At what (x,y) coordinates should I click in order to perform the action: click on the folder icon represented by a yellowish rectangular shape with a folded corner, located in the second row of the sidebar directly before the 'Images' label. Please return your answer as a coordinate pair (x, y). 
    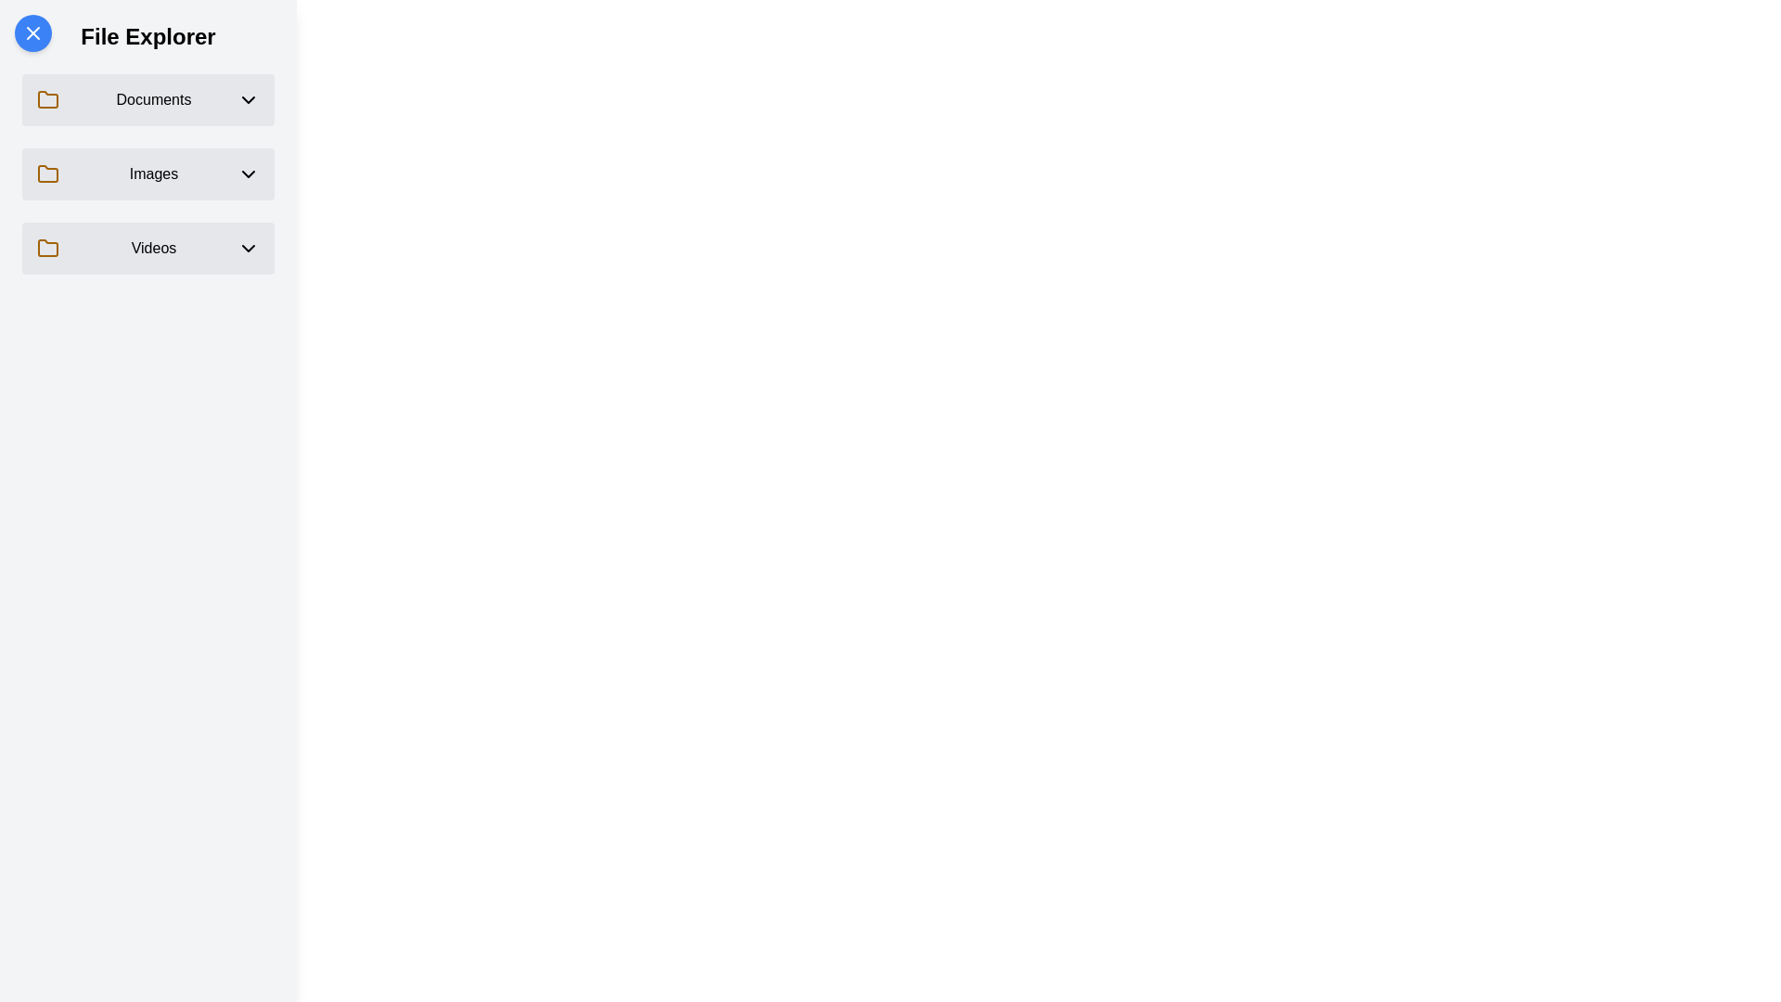
    Looking at the image, I should click on (48, 173).